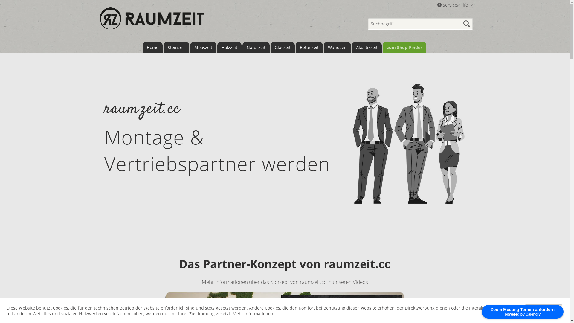 The width and height of the screenshot is (574, 323). What do you see at coordinates (309, 47) in the screenshot?
I see `'Betonzeit'` at bounding box center [309, 47].